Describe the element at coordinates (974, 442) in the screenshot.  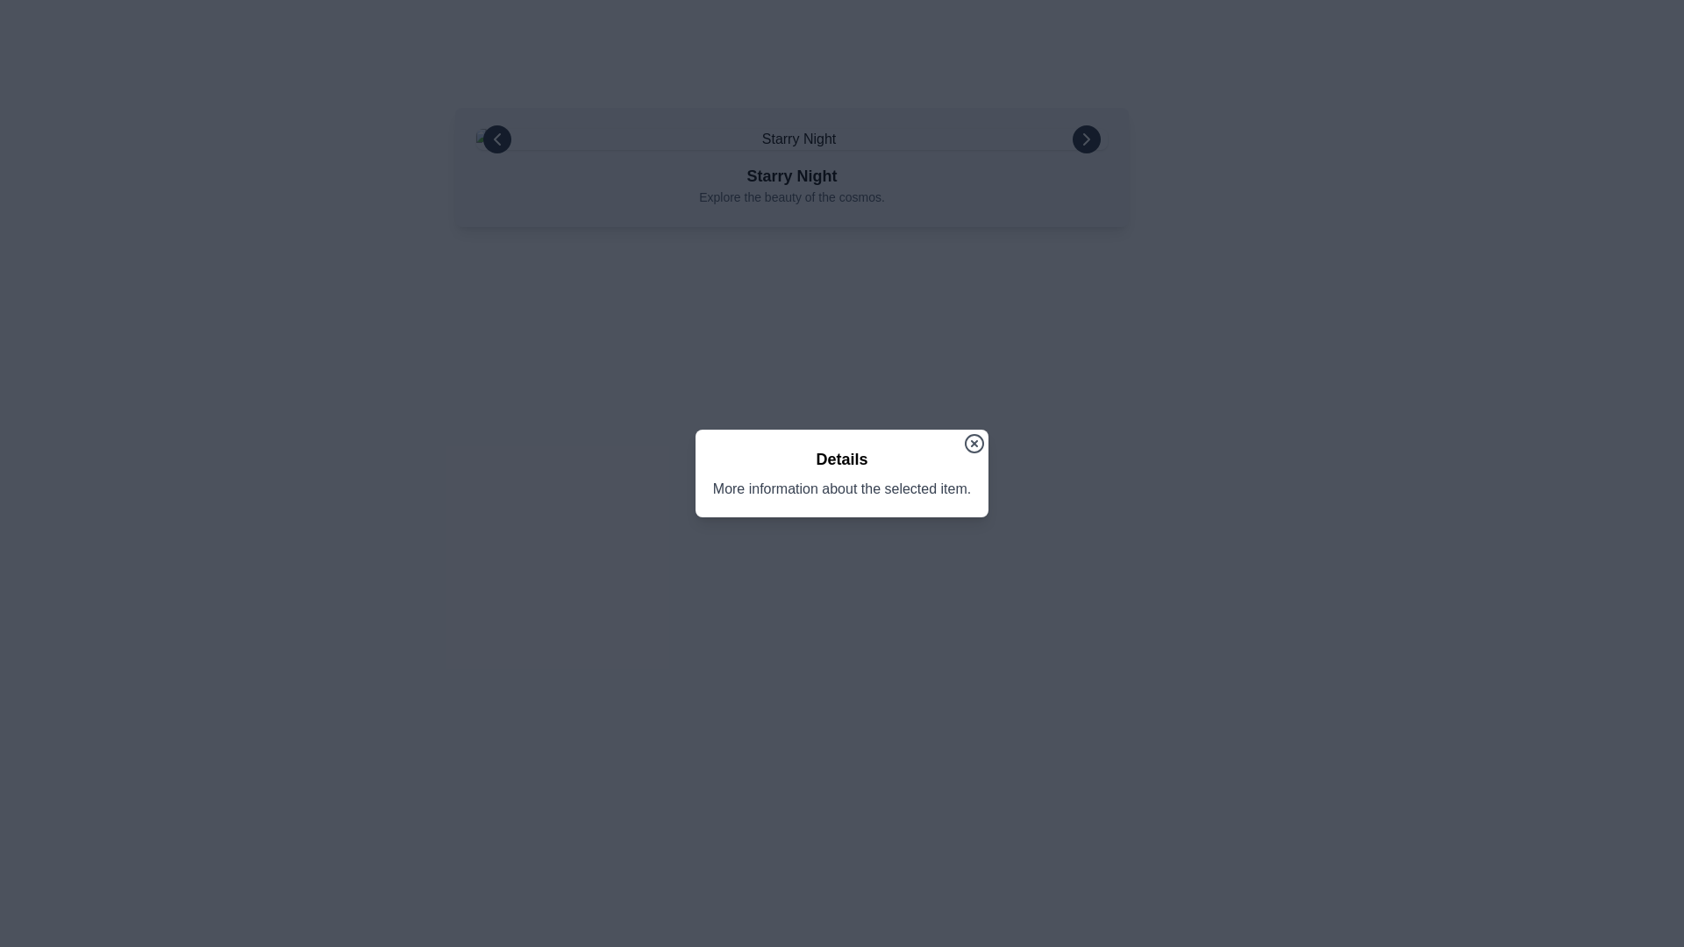
I see `the circular button with an X shape in the top-right corner of the contextual popup dialog` at that location.